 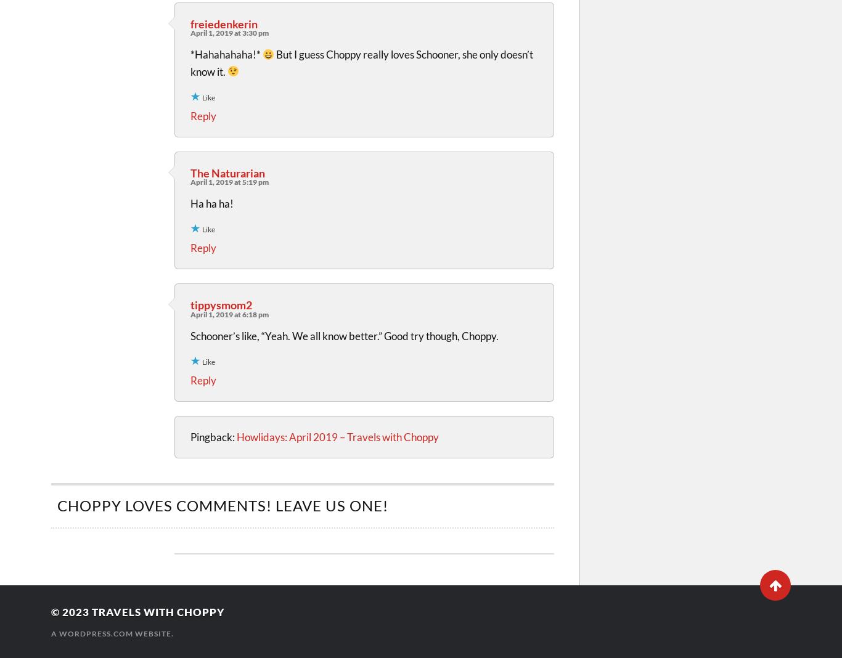 What do you see at coordinates (229, 181) in the screenshot?
I see `'April 1, 2019 at 5:19 pm'` at bounding box center [229, 181].